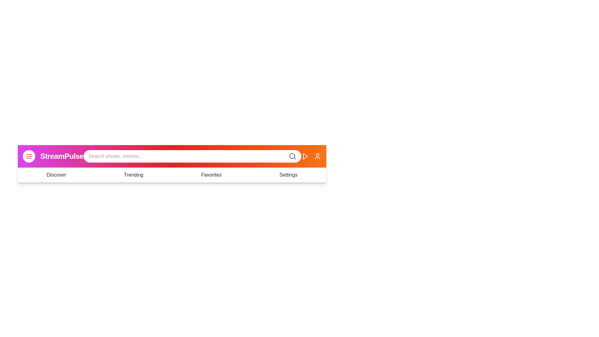 Image resolution: width=599 pixels, height=337 pixels. Describe the element at coordinates (211, 175) in the screenshot. I see `the navigation menu item Favorites` at that location.